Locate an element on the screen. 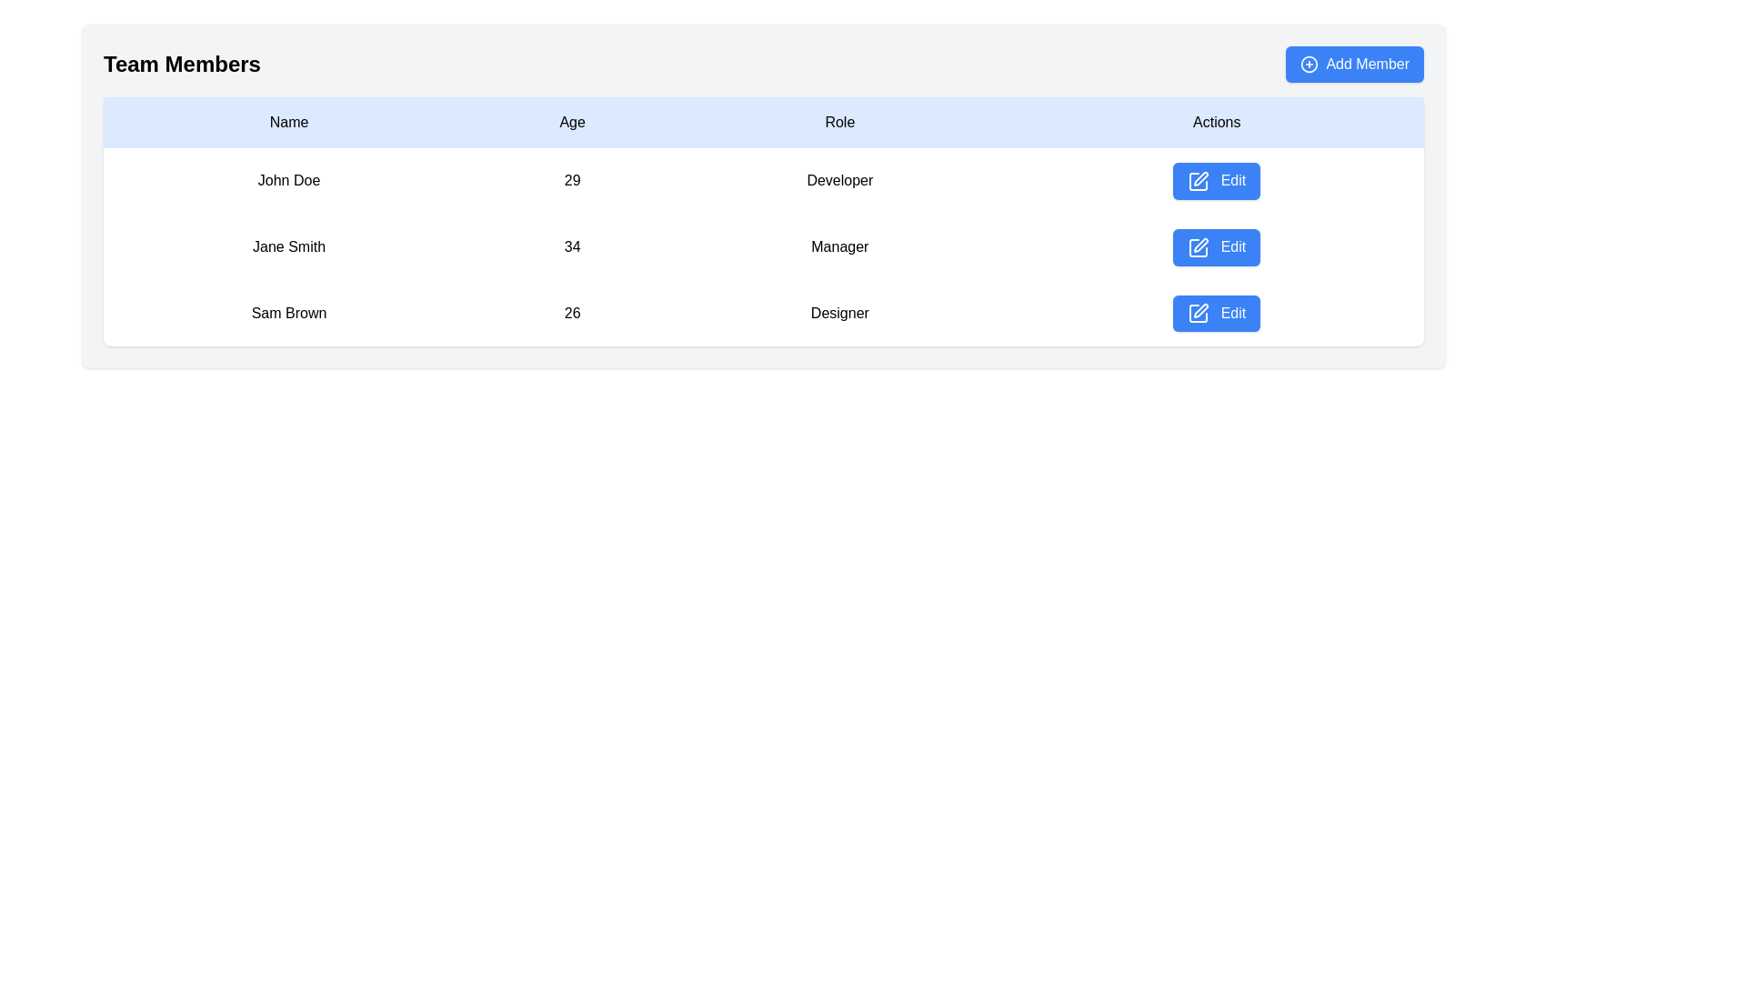 This screenshot has height=982, width=1746. the 'Name' column header in the table, which is the first header on the far-left side of the header row is located at coordinates (287, 123).